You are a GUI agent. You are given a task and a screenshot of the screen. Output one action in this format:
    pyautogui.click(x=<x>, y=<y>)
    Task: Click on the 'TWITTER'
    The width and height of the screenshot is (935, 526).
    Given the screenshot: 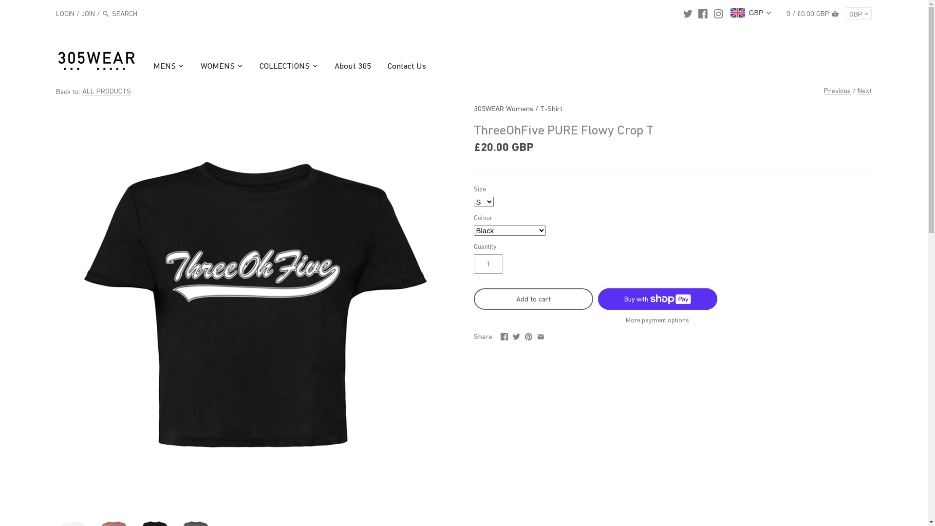 What is the action you would take?
    pyautogui.click(x=687, y=13)
    